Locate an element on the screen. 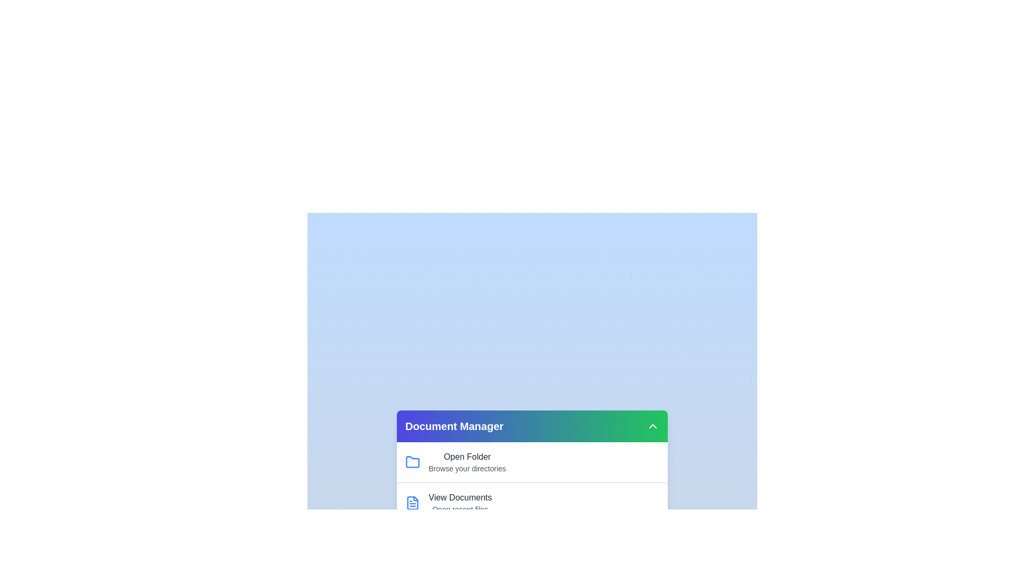 The height and width of the screenshot is (572, 1016). the menu item View Documents to highlight it is located at coordinates (459, 498).